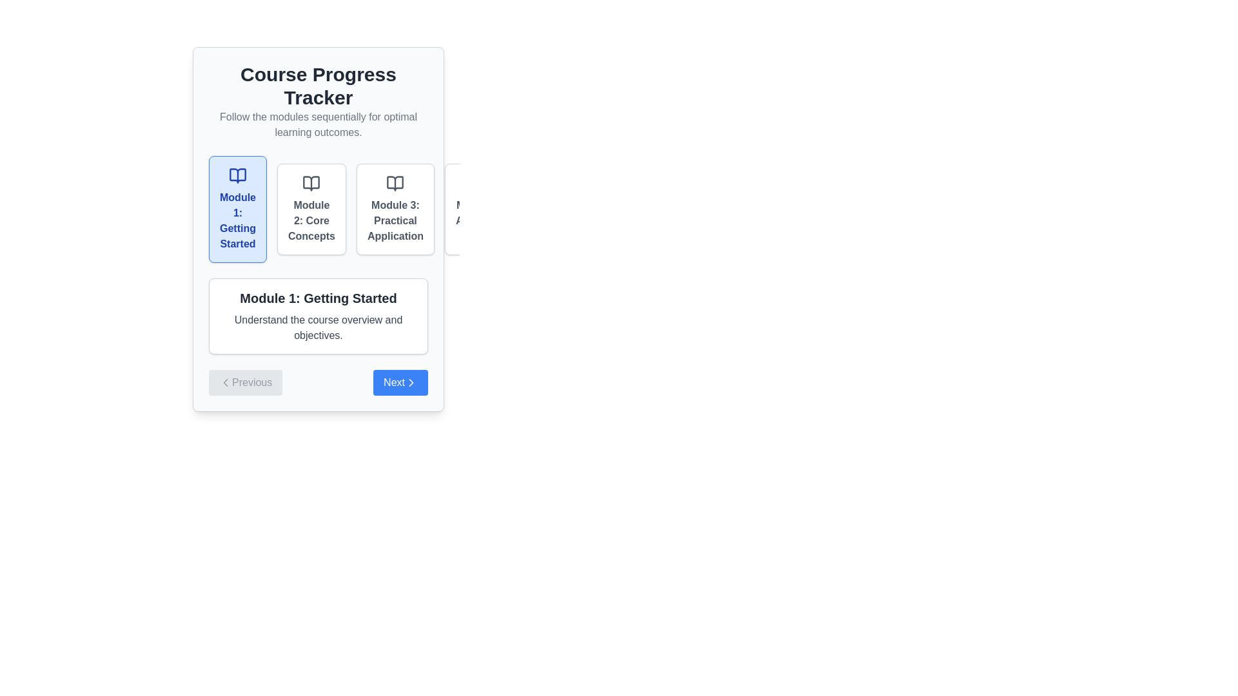  What do you see at coordinates (311, 220) in the screenshot?
I see `the text label displaying 'Module 2: Core Concepts', located centrally within its card, which is positioned between the 'Module 1: Getting Started' card on the left and the 'Module 3: Practical Application' card on the right` at bounding box center [311, 220].